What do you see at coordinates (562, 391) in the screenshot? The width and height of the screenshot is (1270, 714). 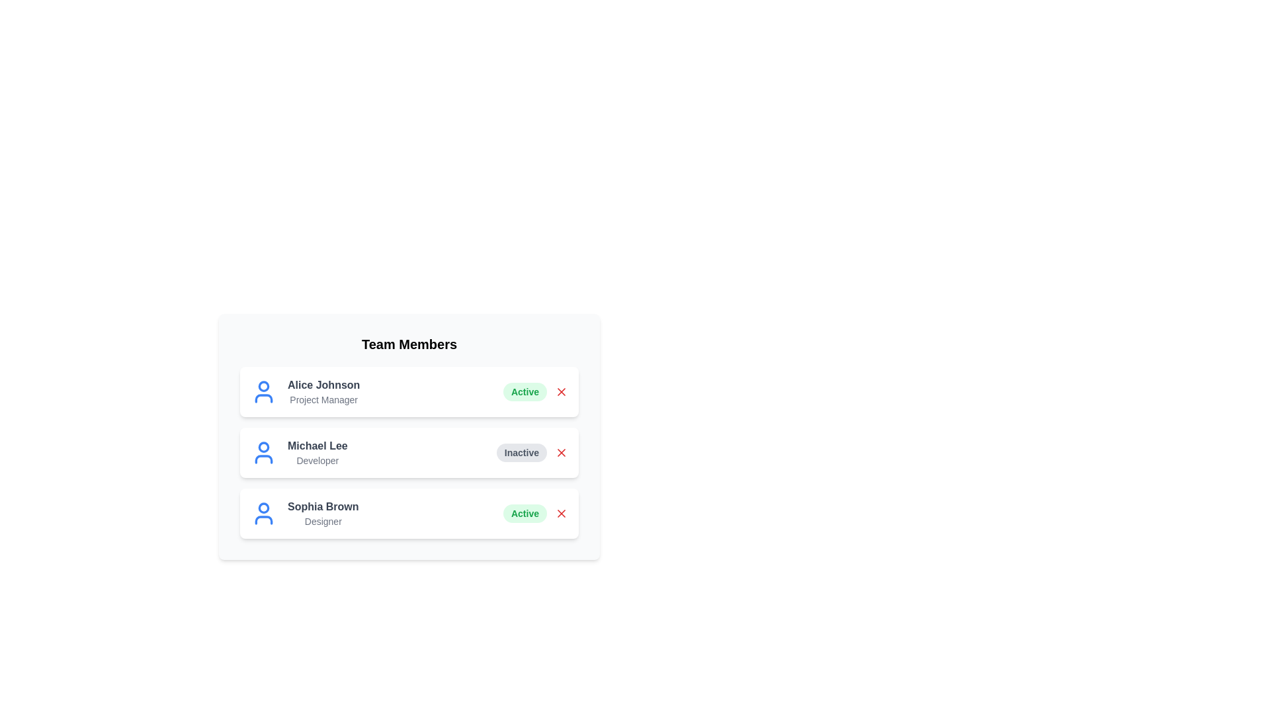 I see `'X' button next to the member Alice Johnson to remove them from the team` at bounding box center [562, 391].